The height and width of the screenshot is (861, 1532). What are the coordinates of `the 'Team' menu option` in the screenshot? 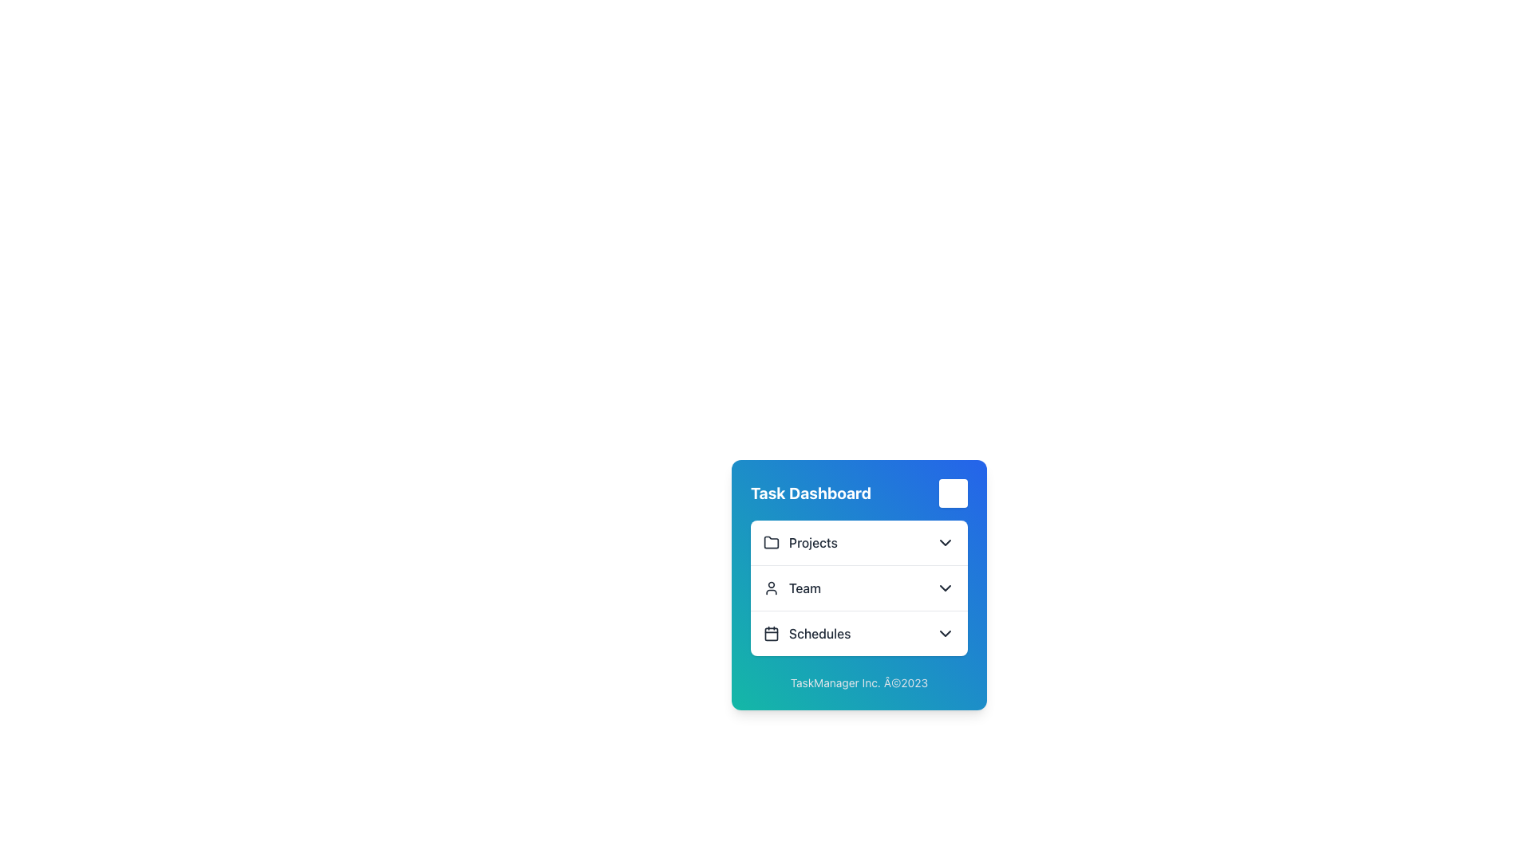 It's located at (792, 588).